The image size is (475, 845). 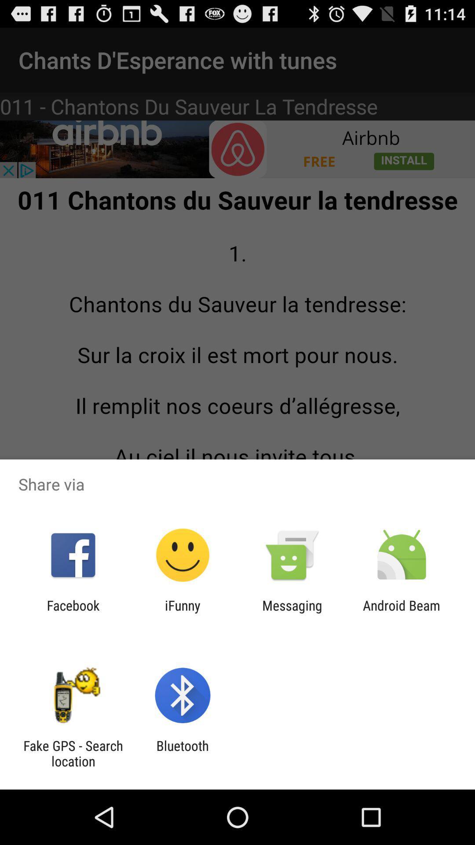 What do you see at coordinates (182, 613) in the screenshot?
I see `the icon next to the facebook app` at bounding box center [182, 613].